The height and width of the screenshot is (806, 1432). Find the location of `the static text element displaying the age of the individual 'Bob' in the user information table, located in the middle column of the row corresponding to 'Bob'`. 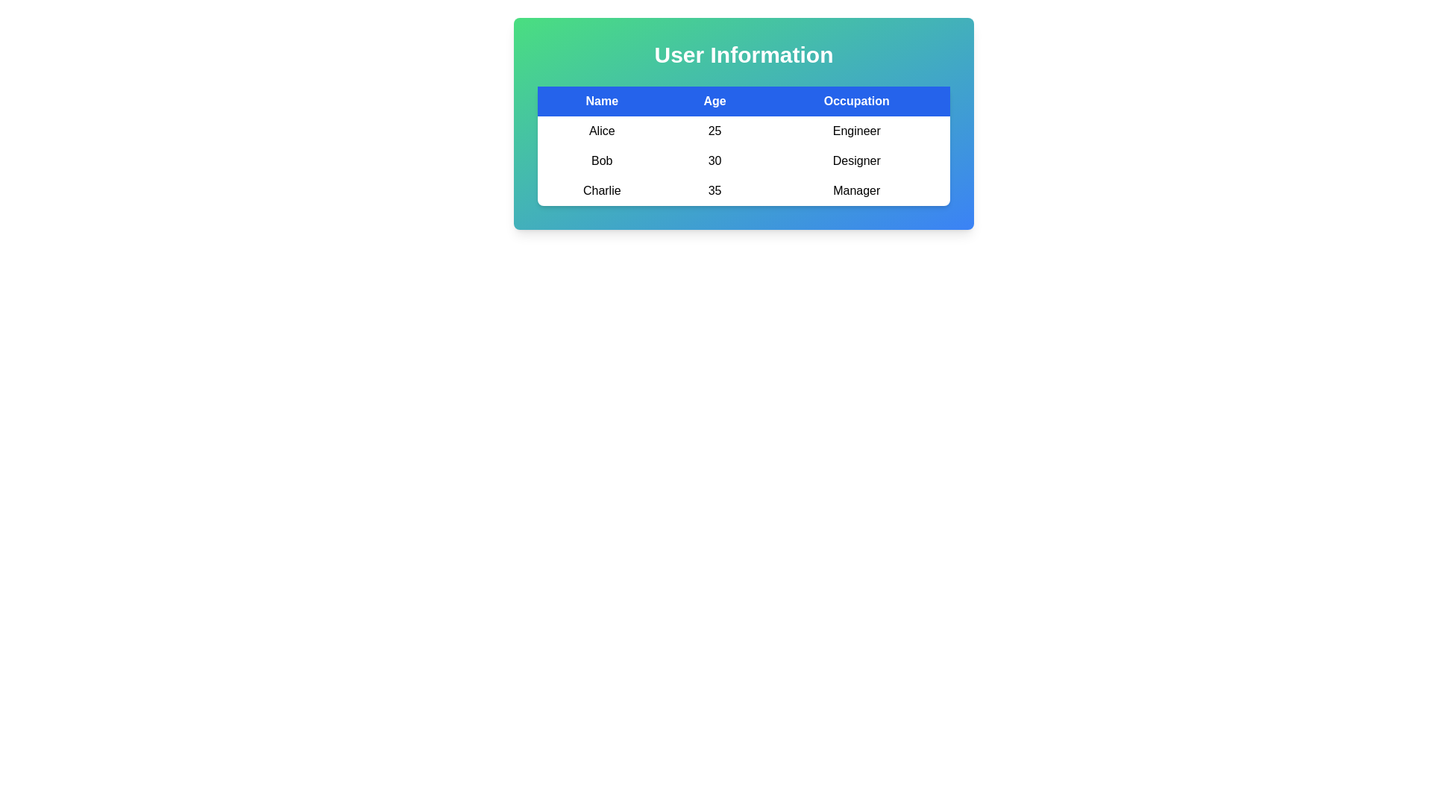

the static text element displaying the age of the individual 'Bob' in the user information table, located in the middle column of the row corresponding to 'Bob' is located at coordinates (714, 161).